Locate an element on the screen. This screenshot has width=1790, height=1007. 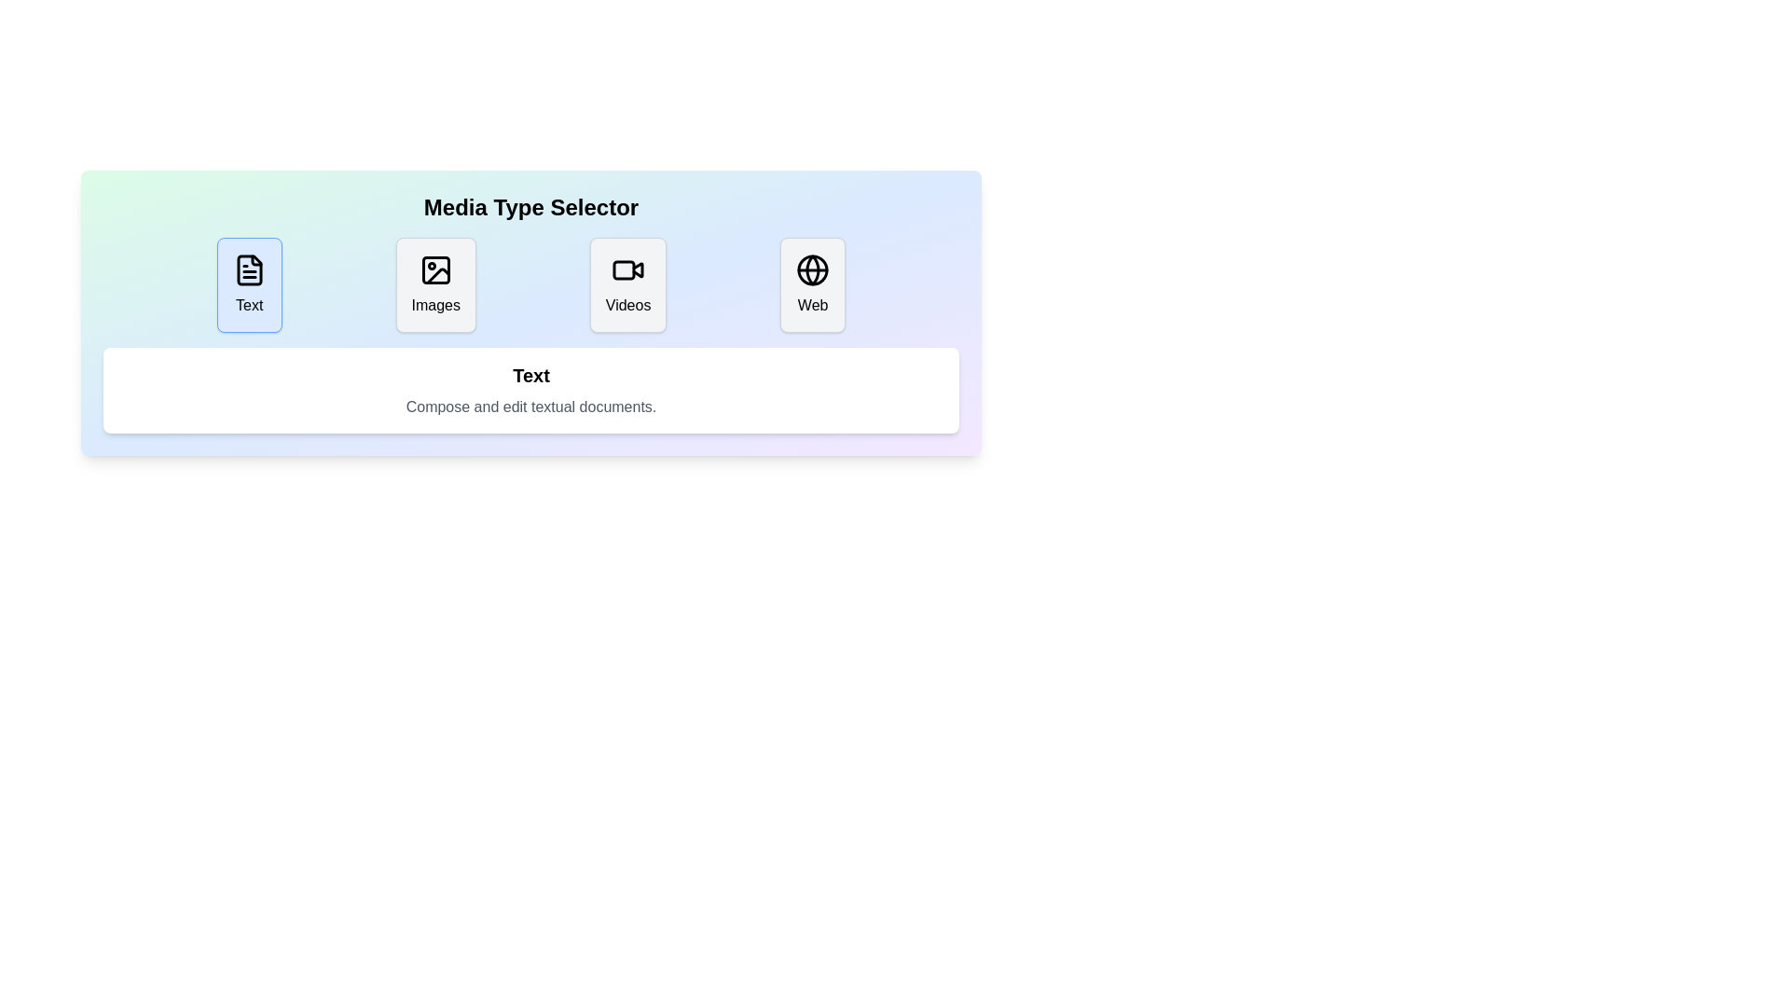
the text label that reads 'Compose and edit textual documents.' which is styled in gray and positioned below the header 'Text' is located at coordinates (530, 406).